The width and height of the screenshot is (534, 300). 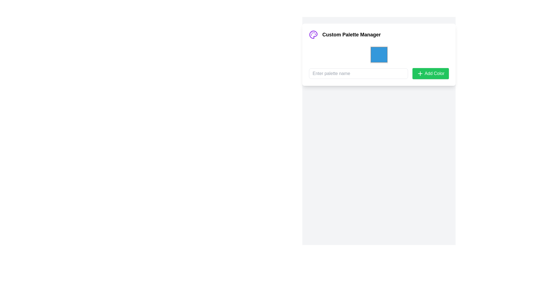 I want to click on the vibrant blue color picker square located within the 'Custom Palette Manager' interface, so click(x=379, y=54).